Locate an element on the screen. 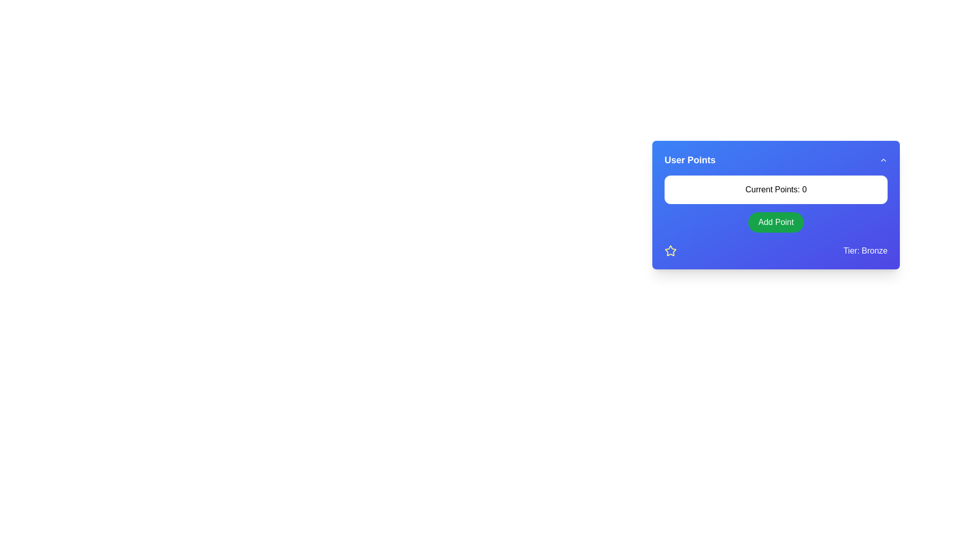  the rectangular green button labeled 'Add Point' located below the 'Current Points: 0' text box is located at coordinates (776, 221).